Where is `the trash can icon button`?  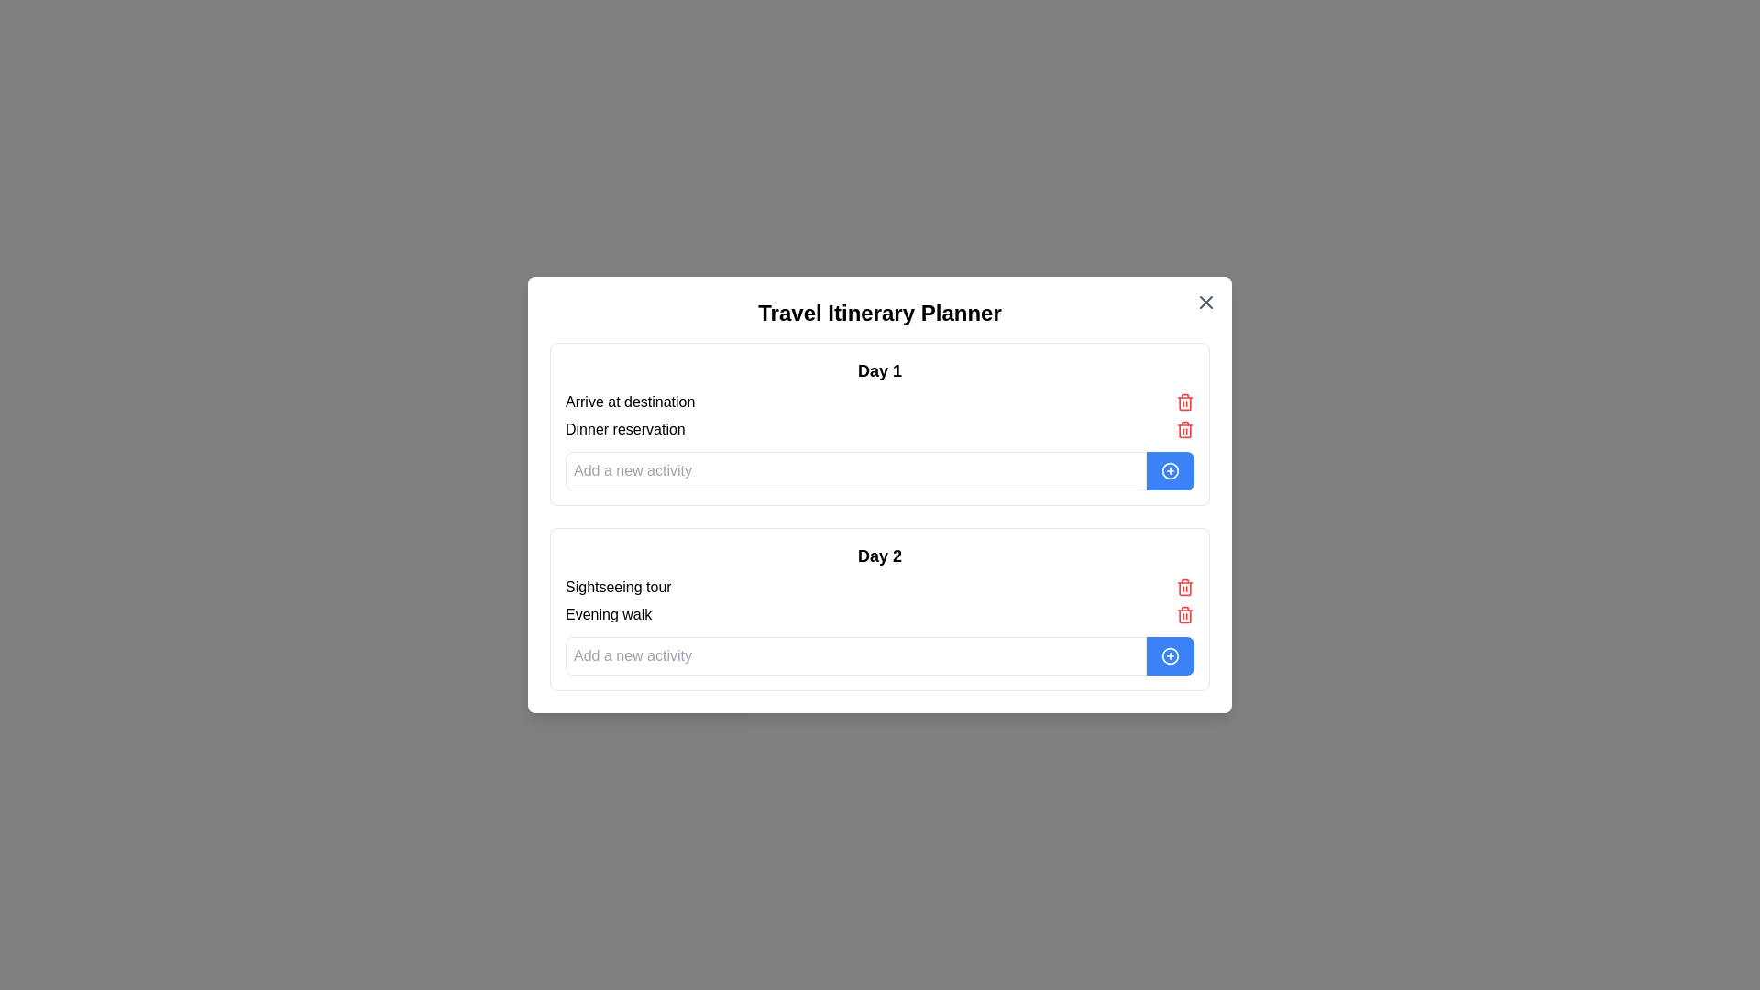
the trash can icon button is located at coordinates (1184, 430).